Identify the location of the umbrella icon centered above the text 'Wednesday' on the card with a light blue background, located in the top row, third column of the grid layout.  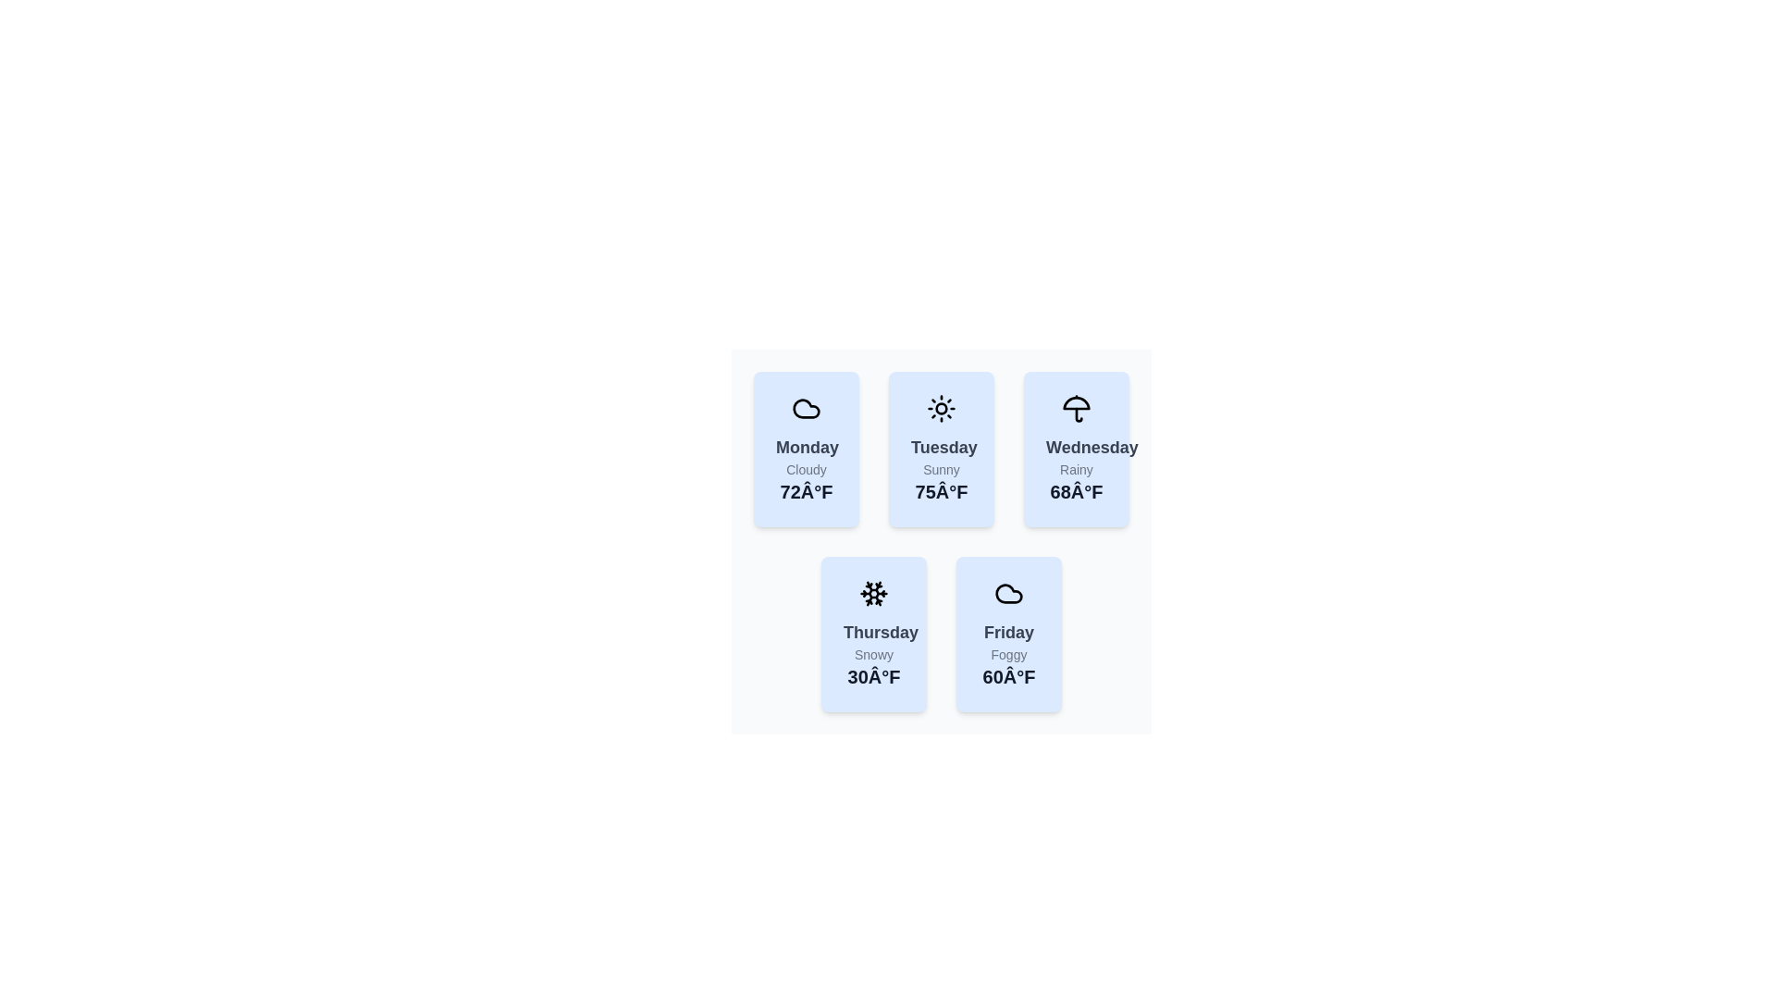
(1076, 408).